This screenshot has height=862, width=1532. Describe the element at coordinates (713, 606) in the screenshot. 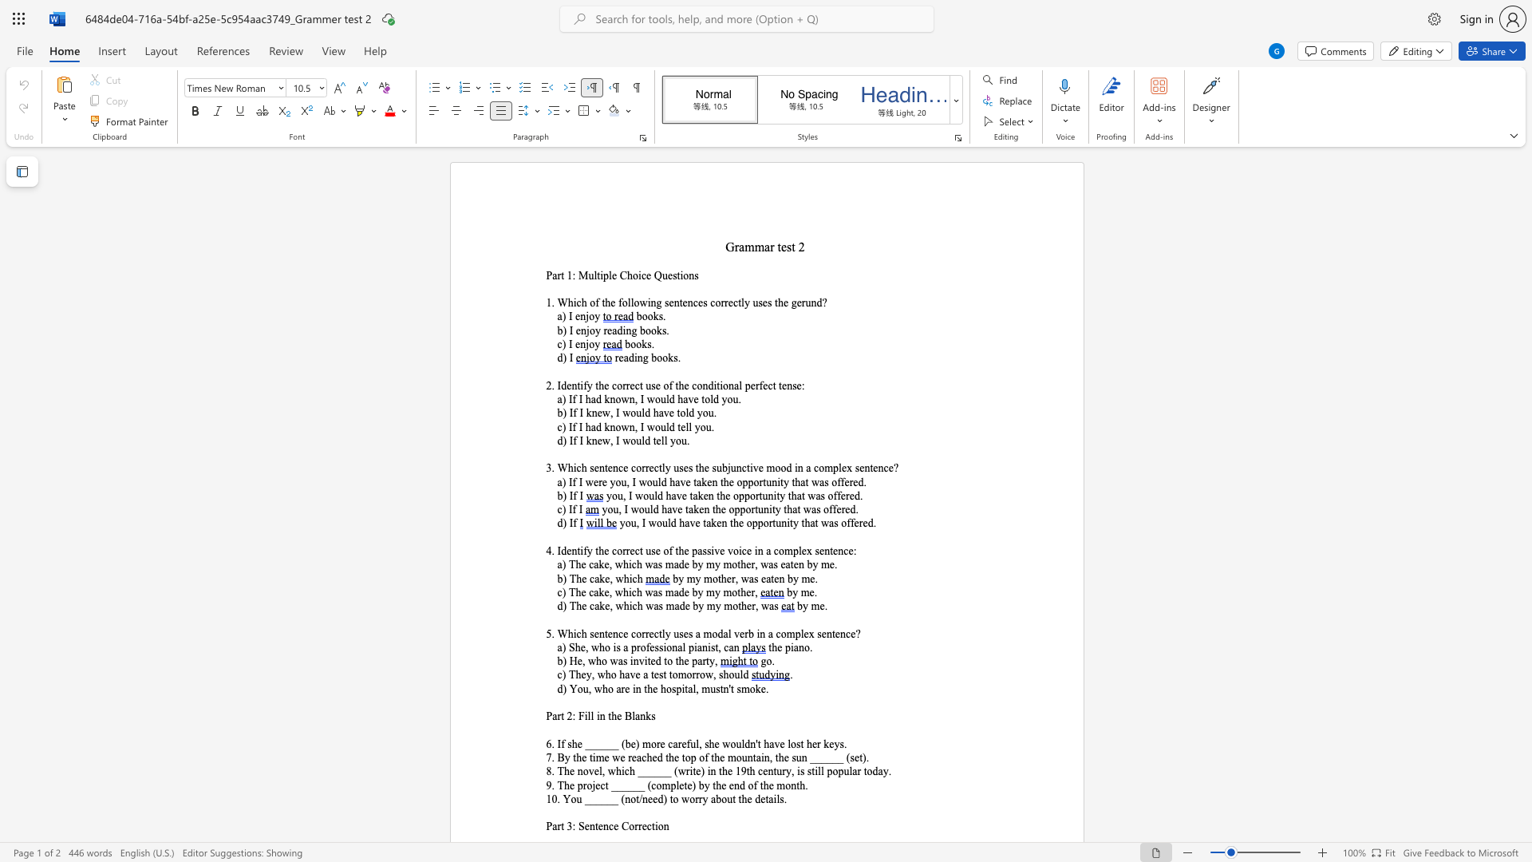

I see `the space between the continuous character "m" and "y" in the text` at that location.